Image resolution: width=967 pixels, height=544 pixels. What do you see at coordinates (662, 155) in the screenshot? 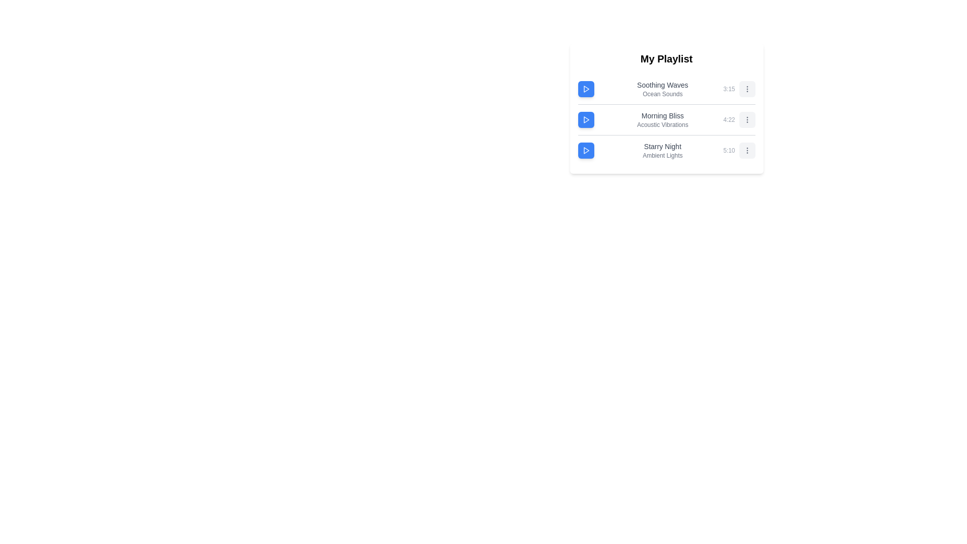
I see `the text element displaying 'Ambient Lights', which is styled as a subtitle beneath 'Starry Night' in the playlist layout` at bounding box center [662, 155].